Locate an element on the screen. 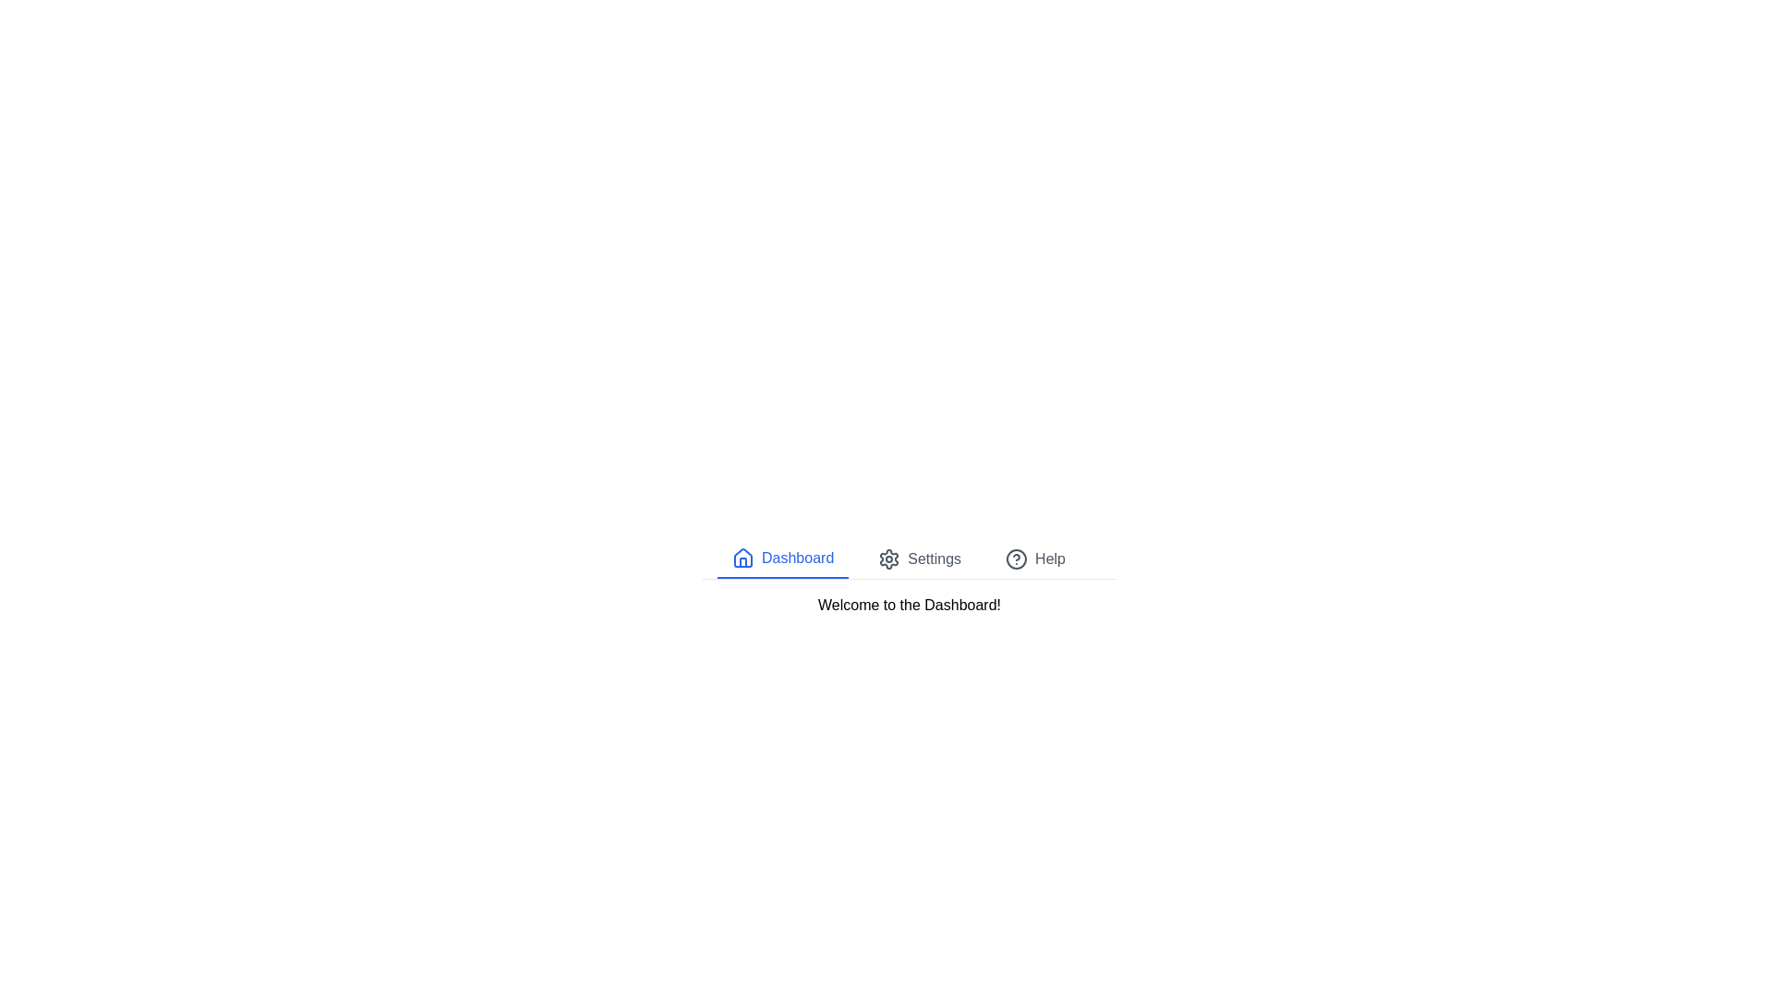 This screenshot has width=1773, height=997. the Settings tab to observe its hover effect is located at coordinates (920, 558).